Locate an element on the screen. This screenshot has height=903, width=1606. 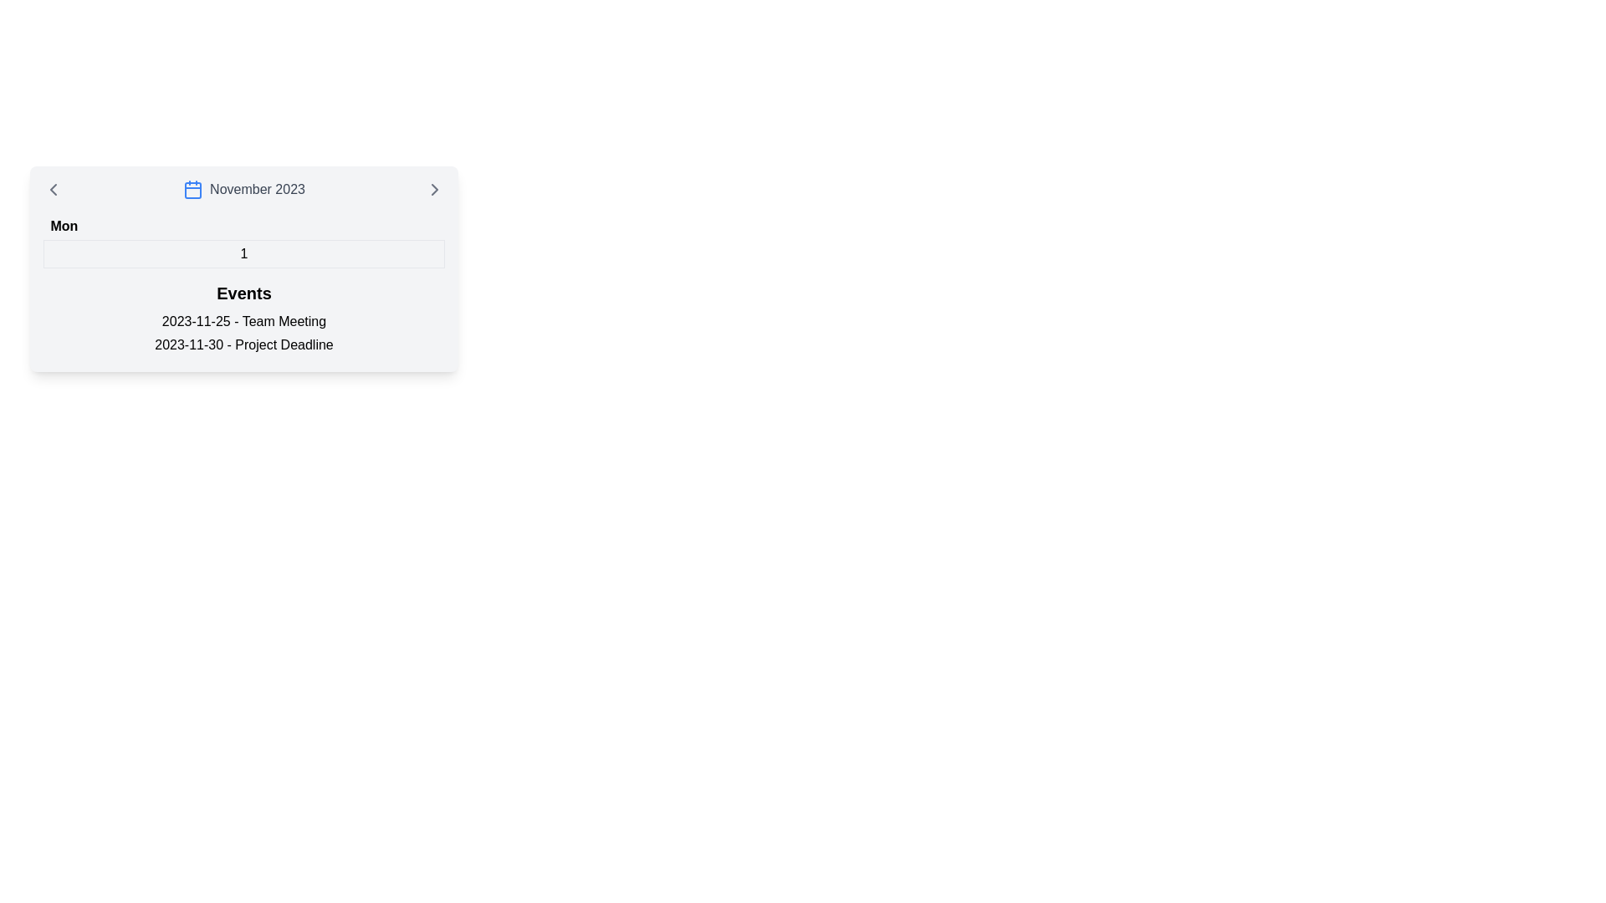
text content of the heading displaying 'November 2023' at the top of the calendar interface, which is styled in light gray and is larger in font size is located at coordinates (243, 189).